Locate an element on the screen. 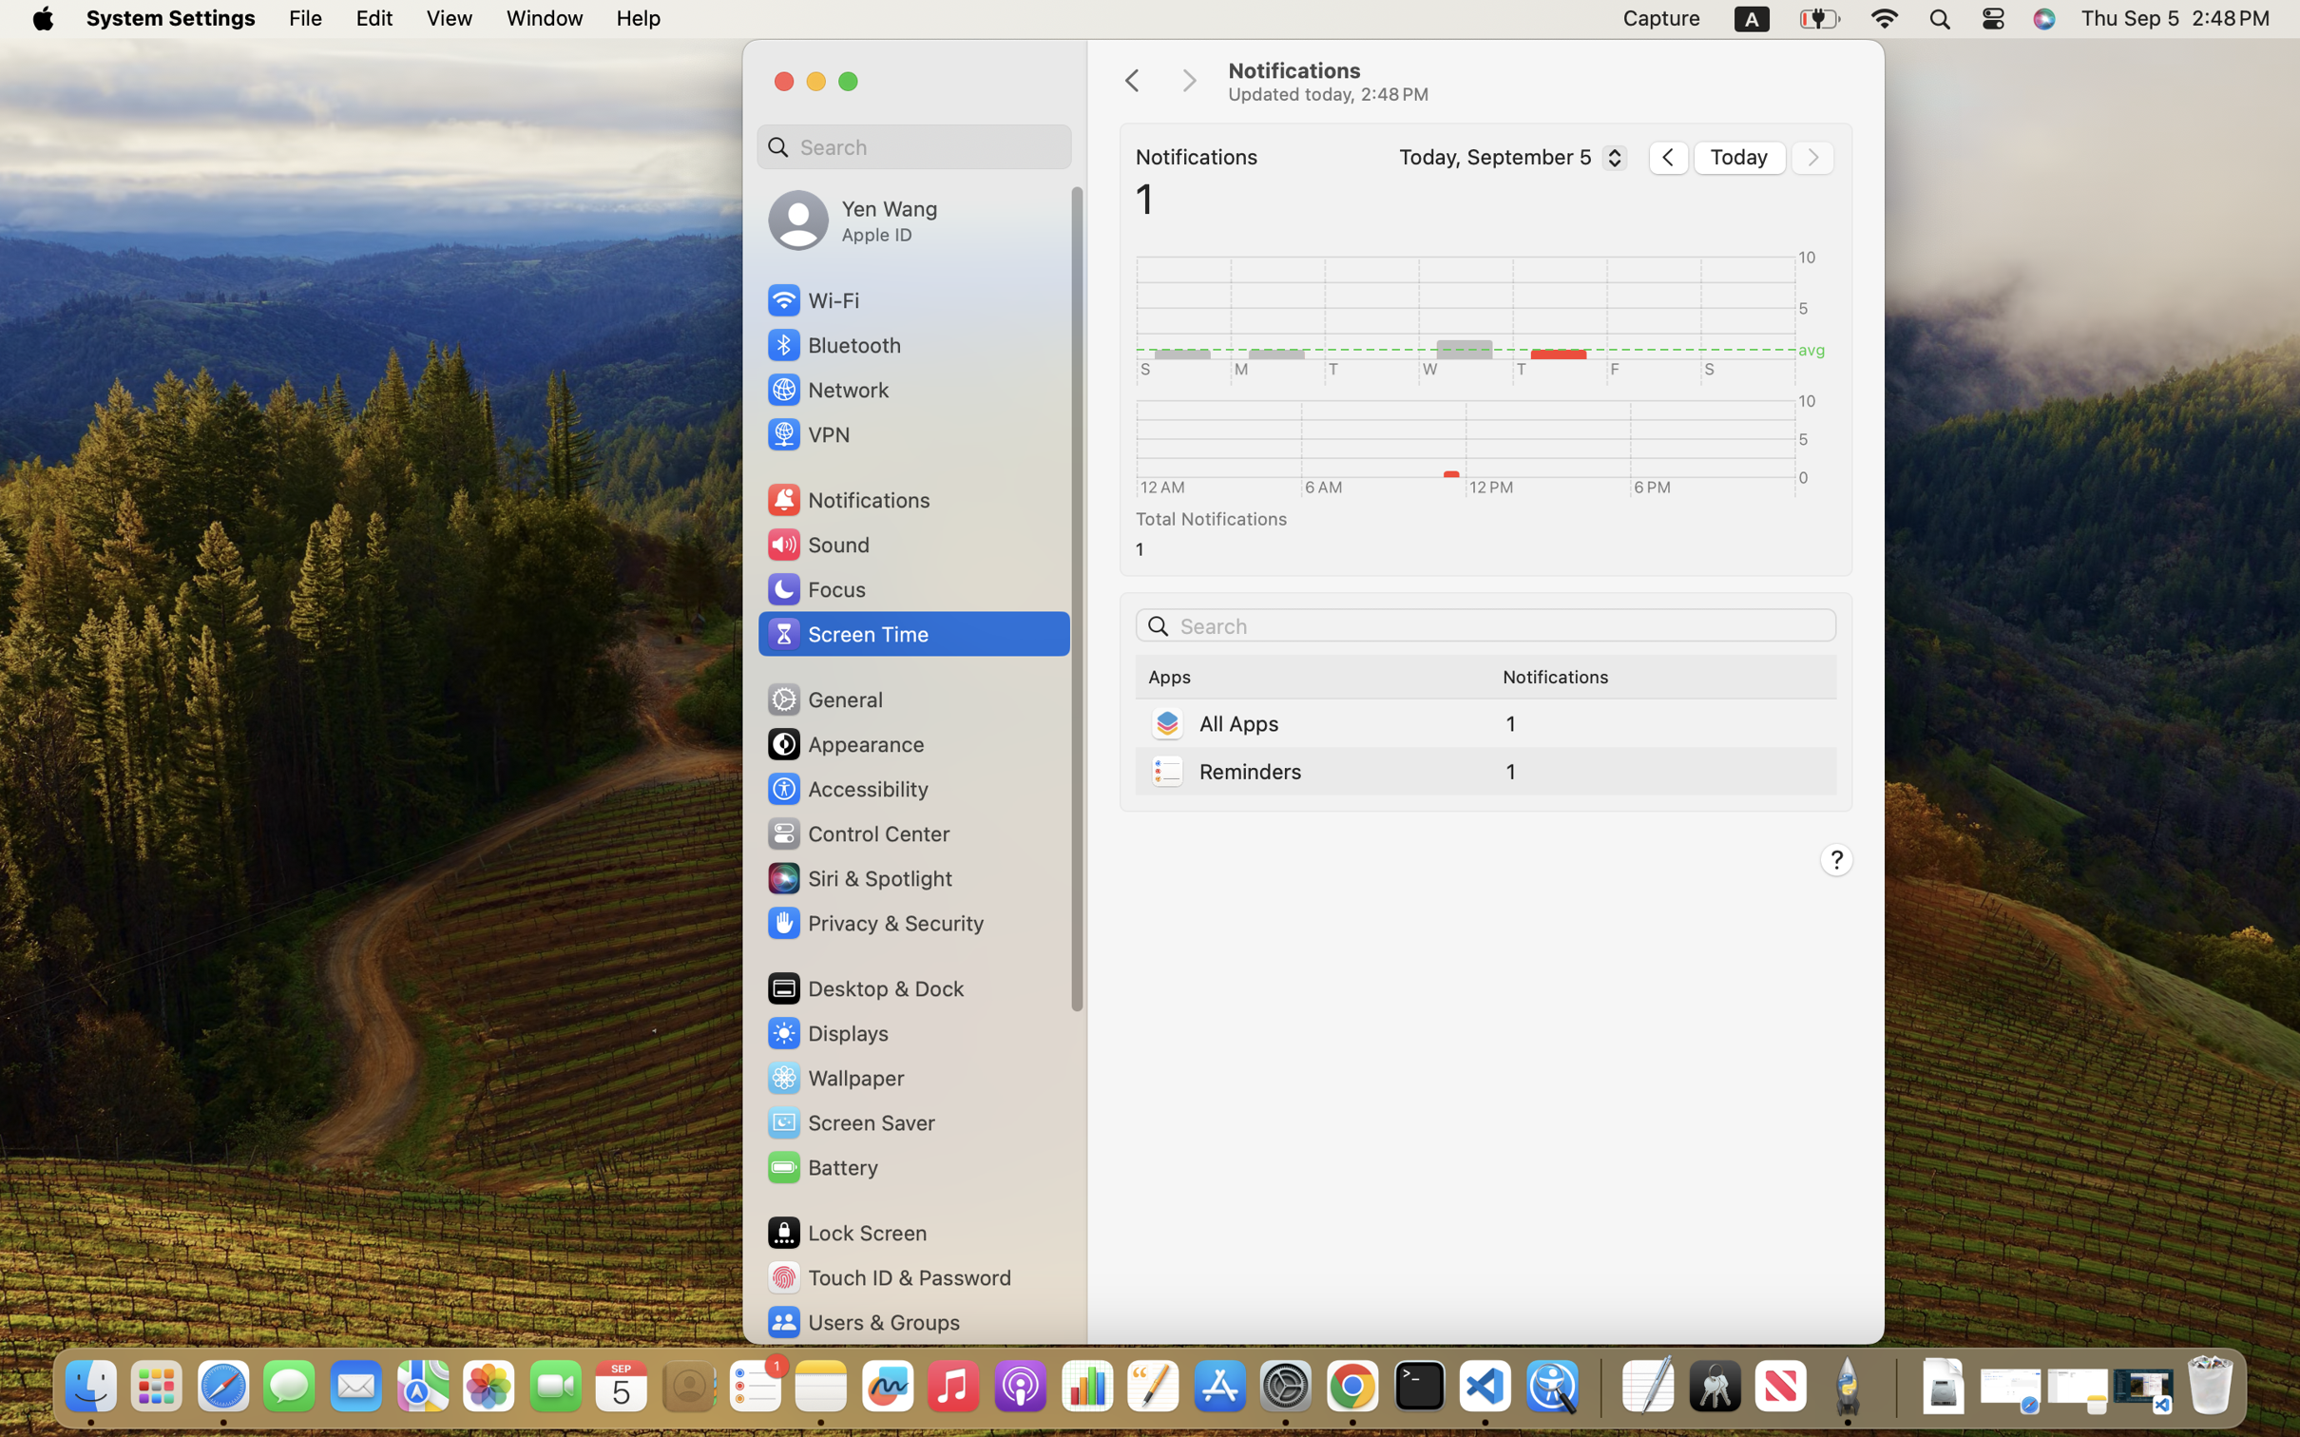 The width and height of the screenshot is (2300, 1437). 'Wallpaper' is located at coordinates (833, 1078).